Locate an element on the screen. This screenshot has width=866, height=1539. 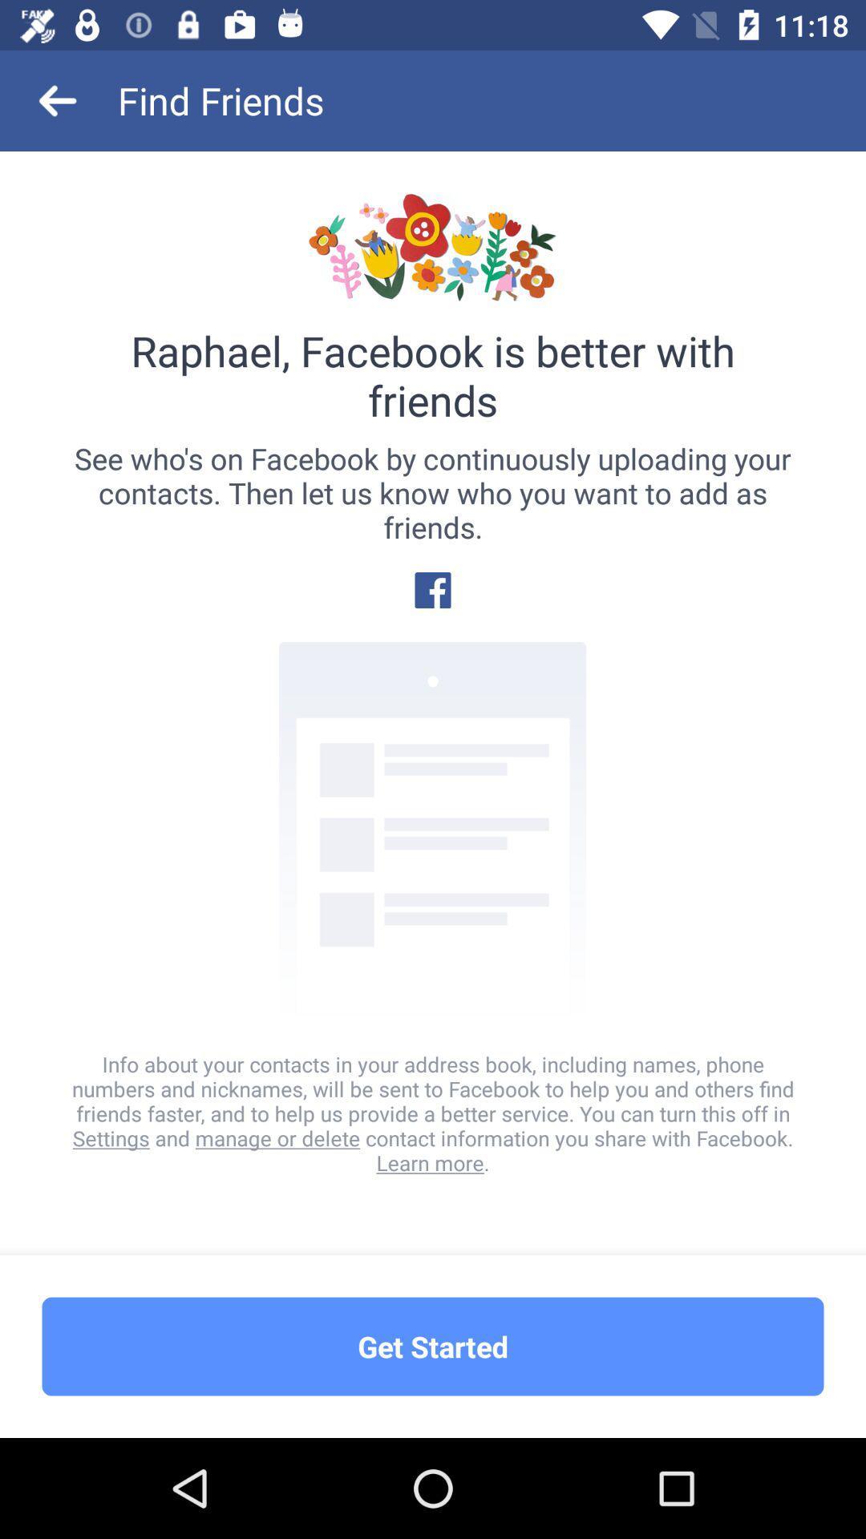
the info about your item is located at coordinates (433, 1113).